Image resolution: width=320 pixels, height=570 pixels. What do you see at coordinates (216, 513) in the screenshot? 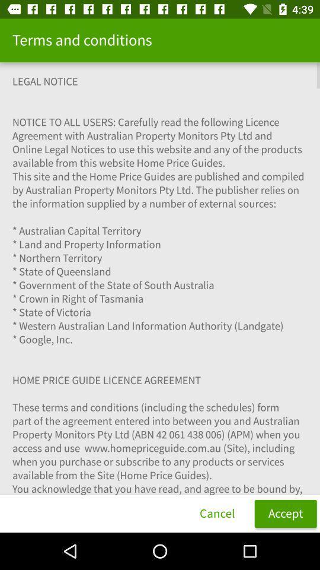
I see `cancel` at bounding box center [216, 513].